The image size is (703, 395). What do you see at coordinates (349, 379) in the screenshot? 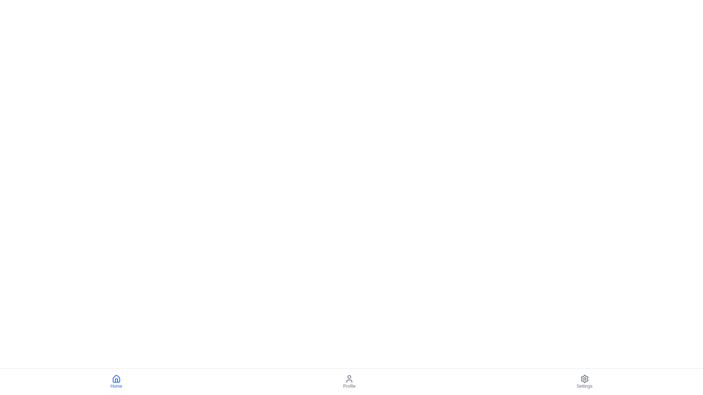
I see `the user profile icon located at the top of the 'Profile' section in the bottom navigation bar` at bounding box center [349, 379].